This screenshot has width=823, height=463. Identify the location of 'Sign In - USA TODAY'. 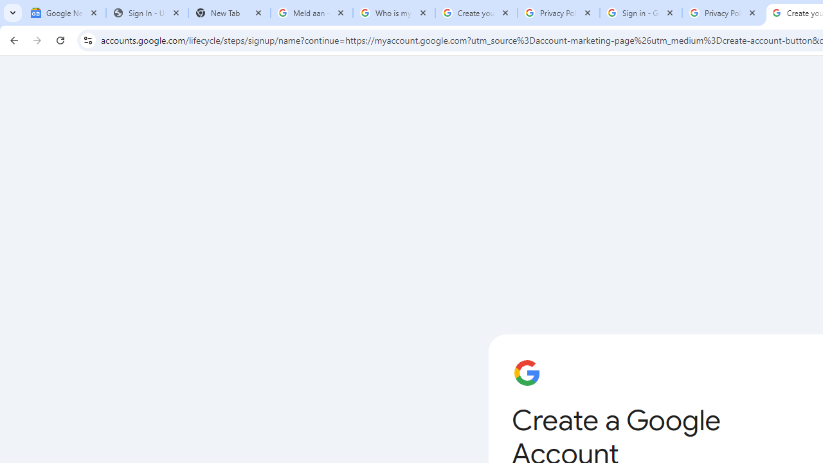
(147, 13).